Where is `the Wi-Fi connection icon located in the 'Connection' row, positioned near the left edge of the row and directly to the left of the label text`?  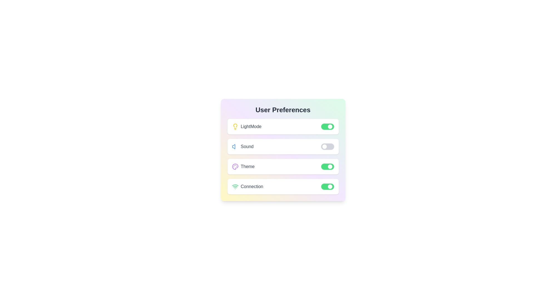 the Wi-Fi connection icon located in the 'Connection' row, positioned near the left edge of the row and directly to the left of the label text is located at coordinates (235, 186).